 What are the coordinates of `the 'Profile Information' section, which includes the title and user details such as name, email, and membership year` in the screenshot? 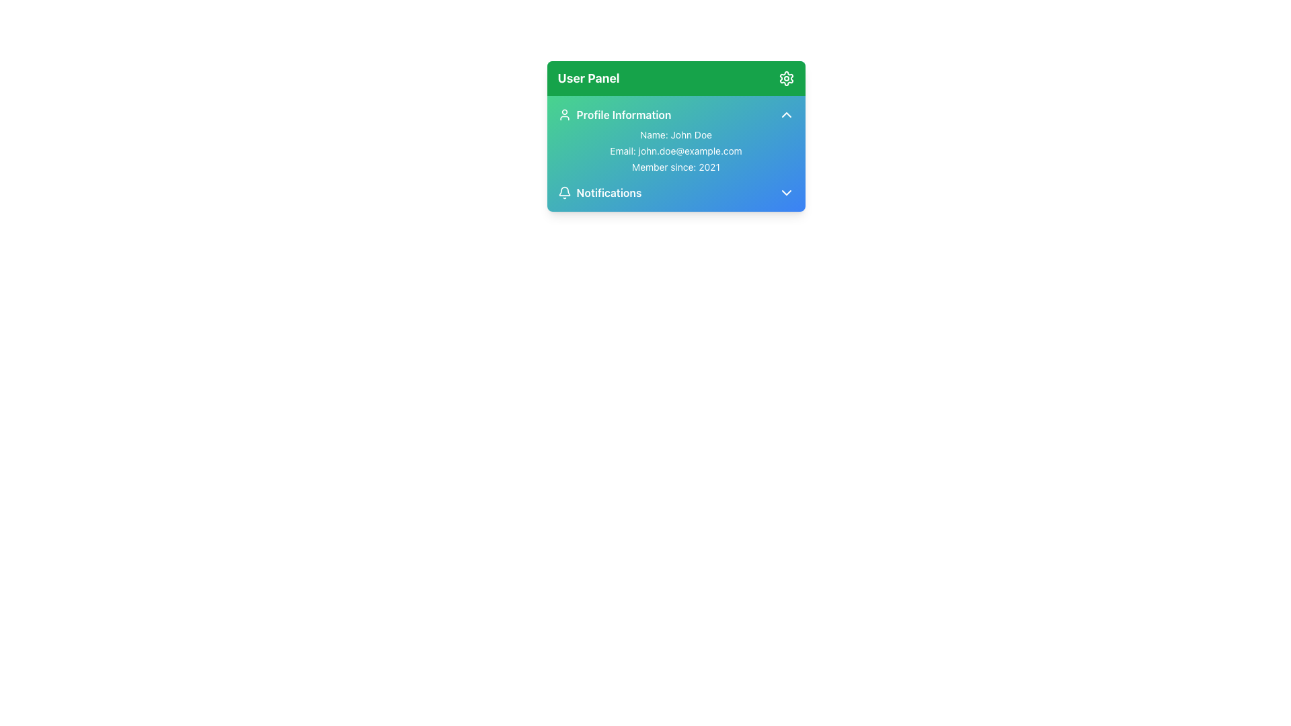 It's located at (676, 140).